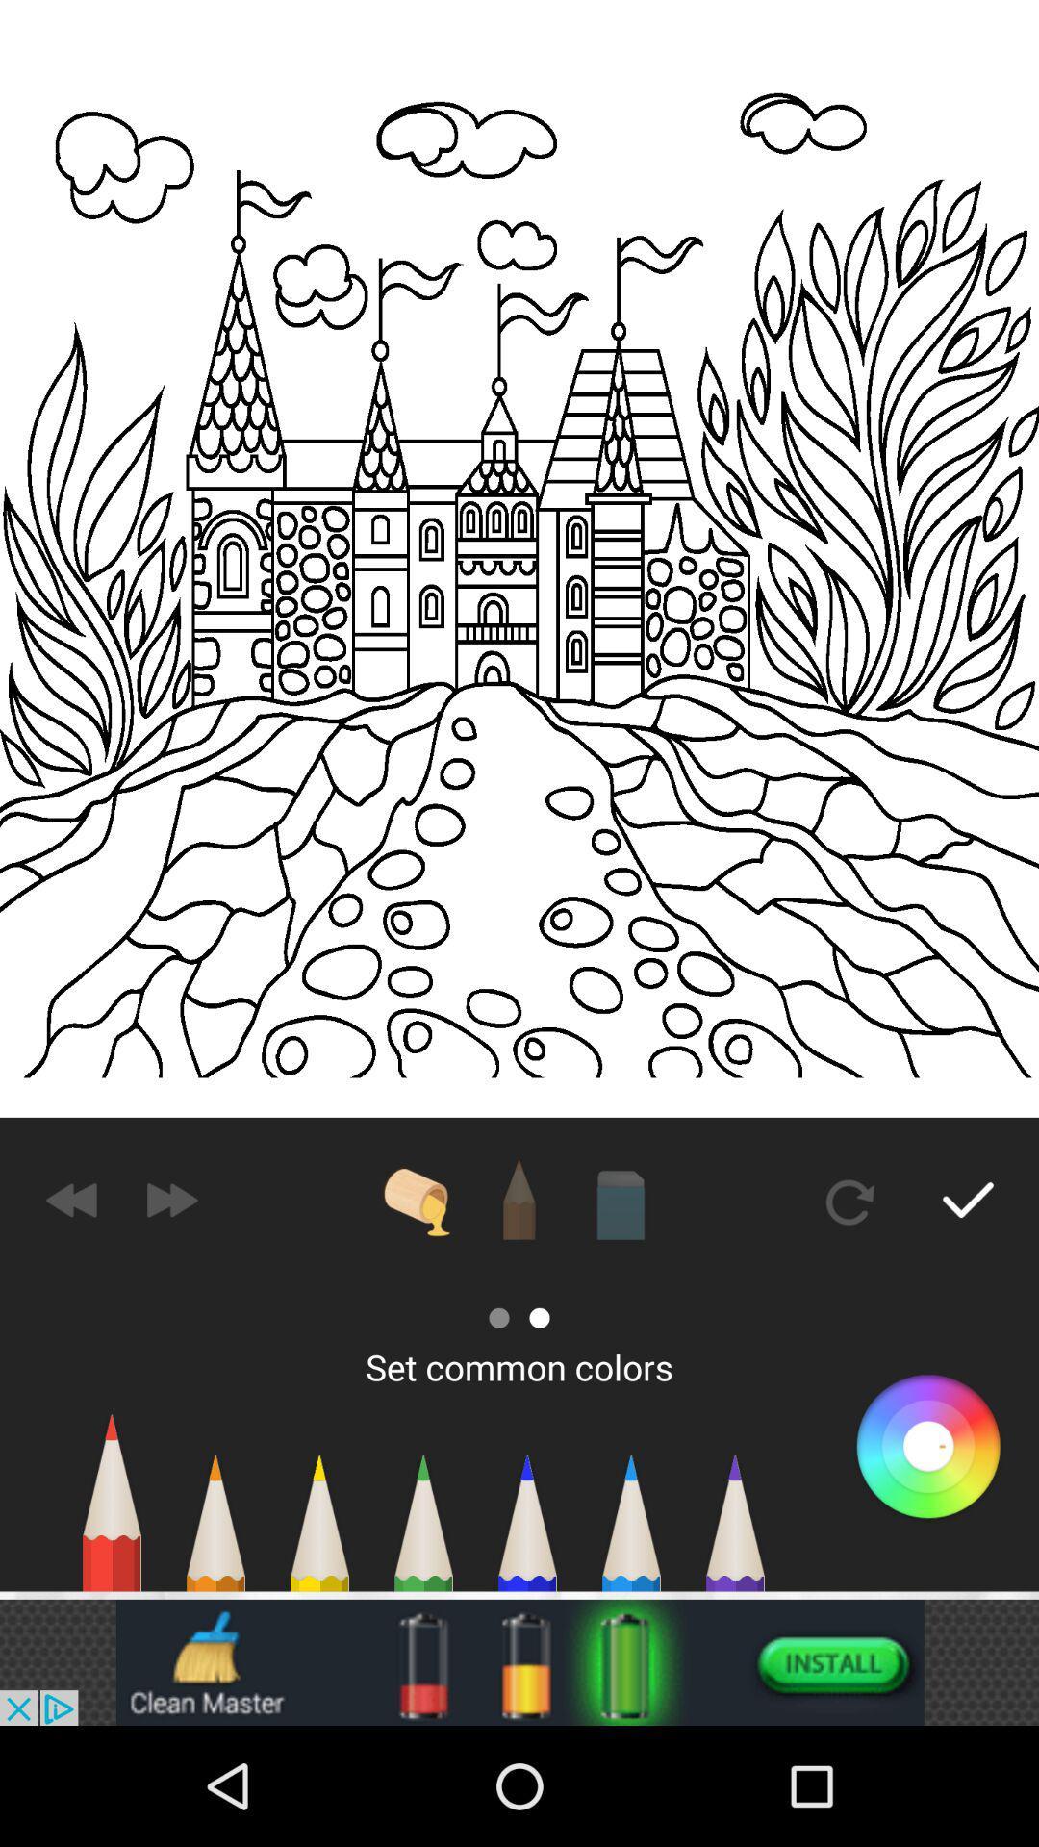 The height and width of the screenshot is (1847, 1039). I want to click on the check icon, so click(968, 1284).